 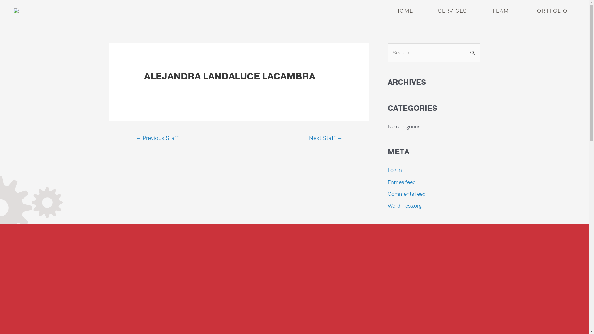 What do you see at coordinates (406, 194) in the screenshot?
I see `'Comments feed'` at bounding box center [406, 194].